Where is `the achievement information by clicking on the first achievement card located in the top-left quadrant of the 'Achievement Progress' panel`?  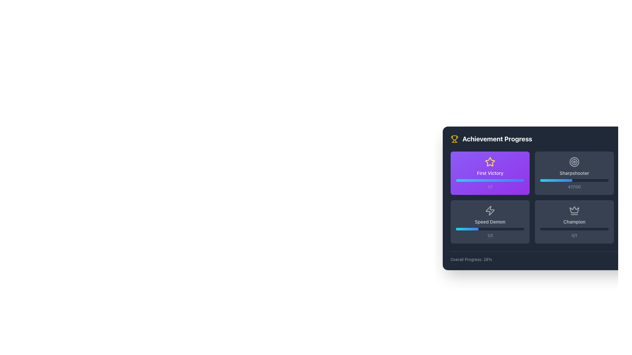 the achievement information by clicking on the first achievement card located in the top-left quadrant of the 'Achievement Progress' panel is located at coordinates (490, 173).